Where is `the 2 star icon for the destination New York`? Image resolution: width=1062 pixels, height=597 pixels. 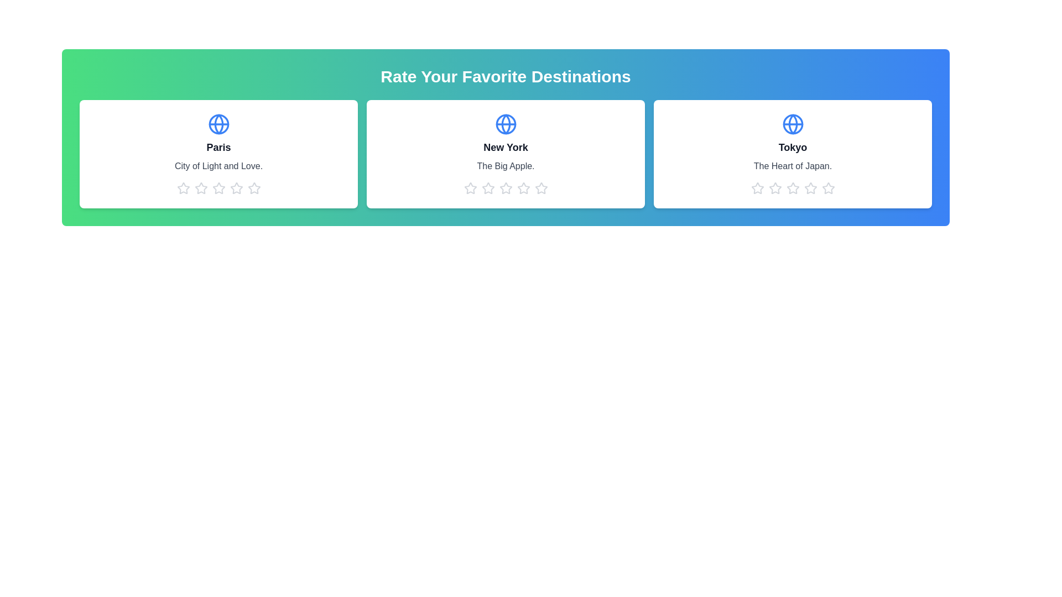
the 2 star icon for the destination New York is located at coordinates (487, 187).